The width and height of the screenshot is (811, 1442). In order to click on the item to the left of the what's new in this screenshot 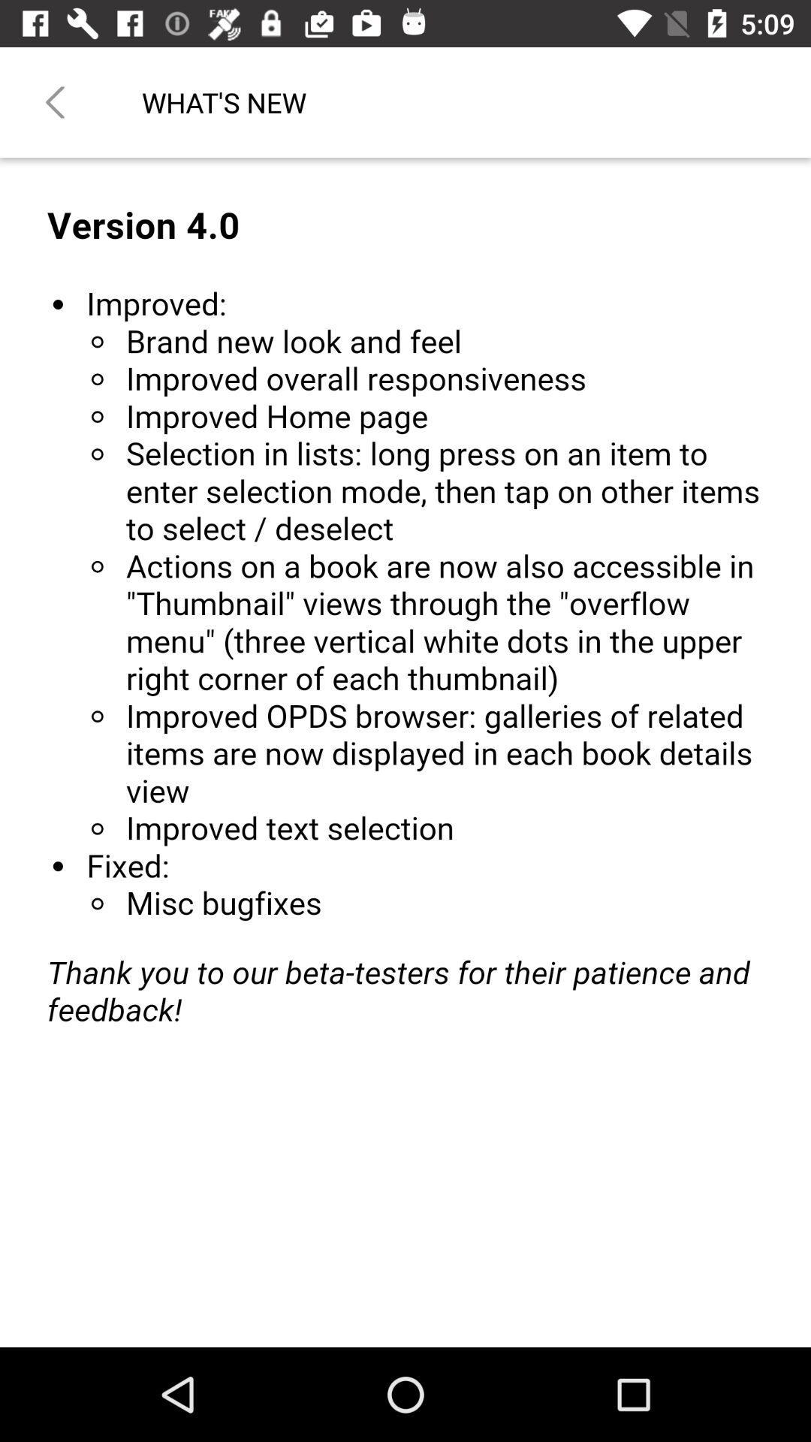, I will do `click(54, 101)`.